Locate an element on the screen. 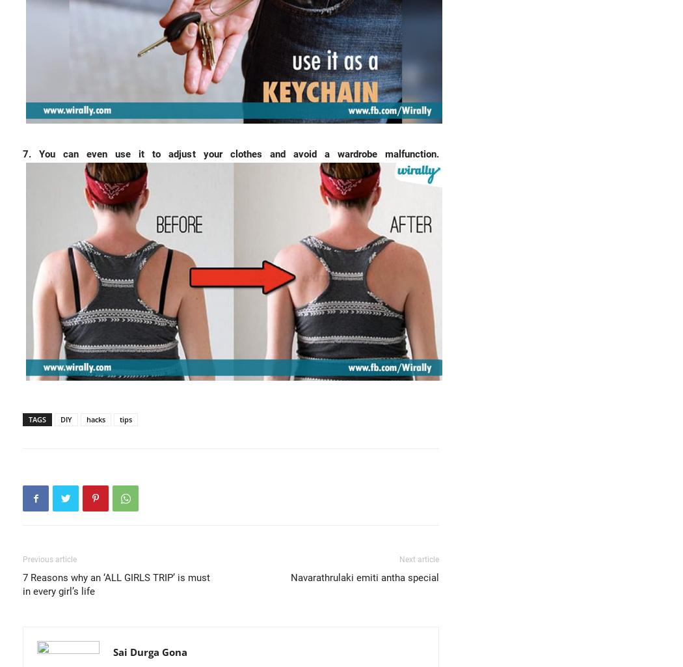 The width and height of the screenshot is (683, 667). 'Sai Durga Gona' is located at coordinates (150, 651).